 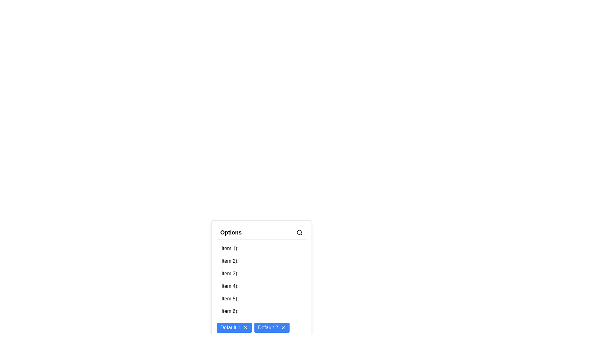 What do you see at coordinates (261, 279) in the screenshot?
I see `an item in the List or Dropdown Component located centrally below the 'Options' title bar` at bounding box center [261, 279].